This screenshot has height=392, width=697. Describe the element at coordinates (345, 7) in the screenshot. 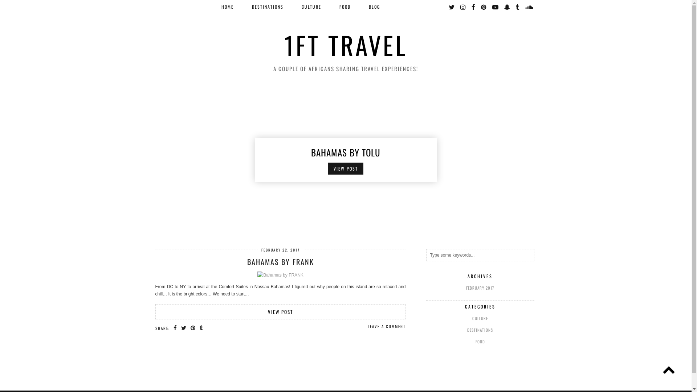

I see `'FOOD'` at that location.